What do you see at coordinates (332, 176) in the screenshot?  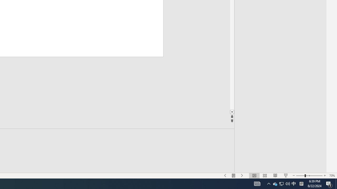 I see `'Zoom 70%'` at bounding box center [332, 176].